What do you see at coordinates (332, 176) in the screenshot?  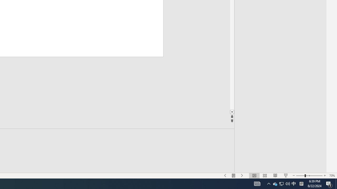 I see `'Zoom 70%'` at bounding box center [332, 176].